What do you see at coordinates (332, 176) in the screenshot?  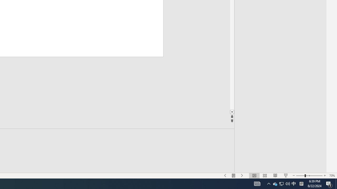 I see `'Zoom 70%'` at bounding box center [332, 176].